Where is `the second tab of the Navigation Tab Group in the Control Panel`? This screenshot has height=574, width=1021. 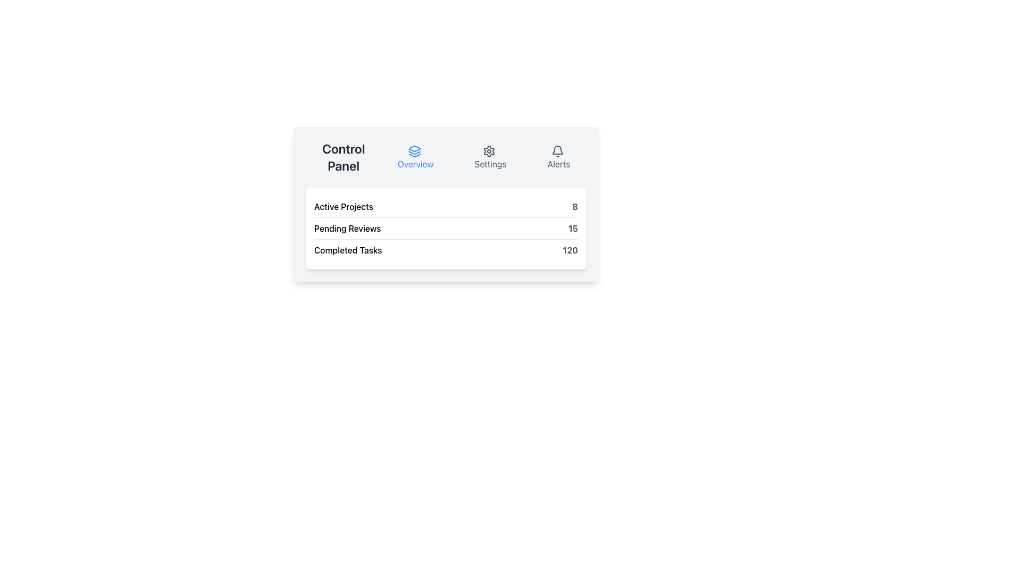
the second tab of the Navigation Tab Group in the Control Panel is located at coordinates (483, 157).